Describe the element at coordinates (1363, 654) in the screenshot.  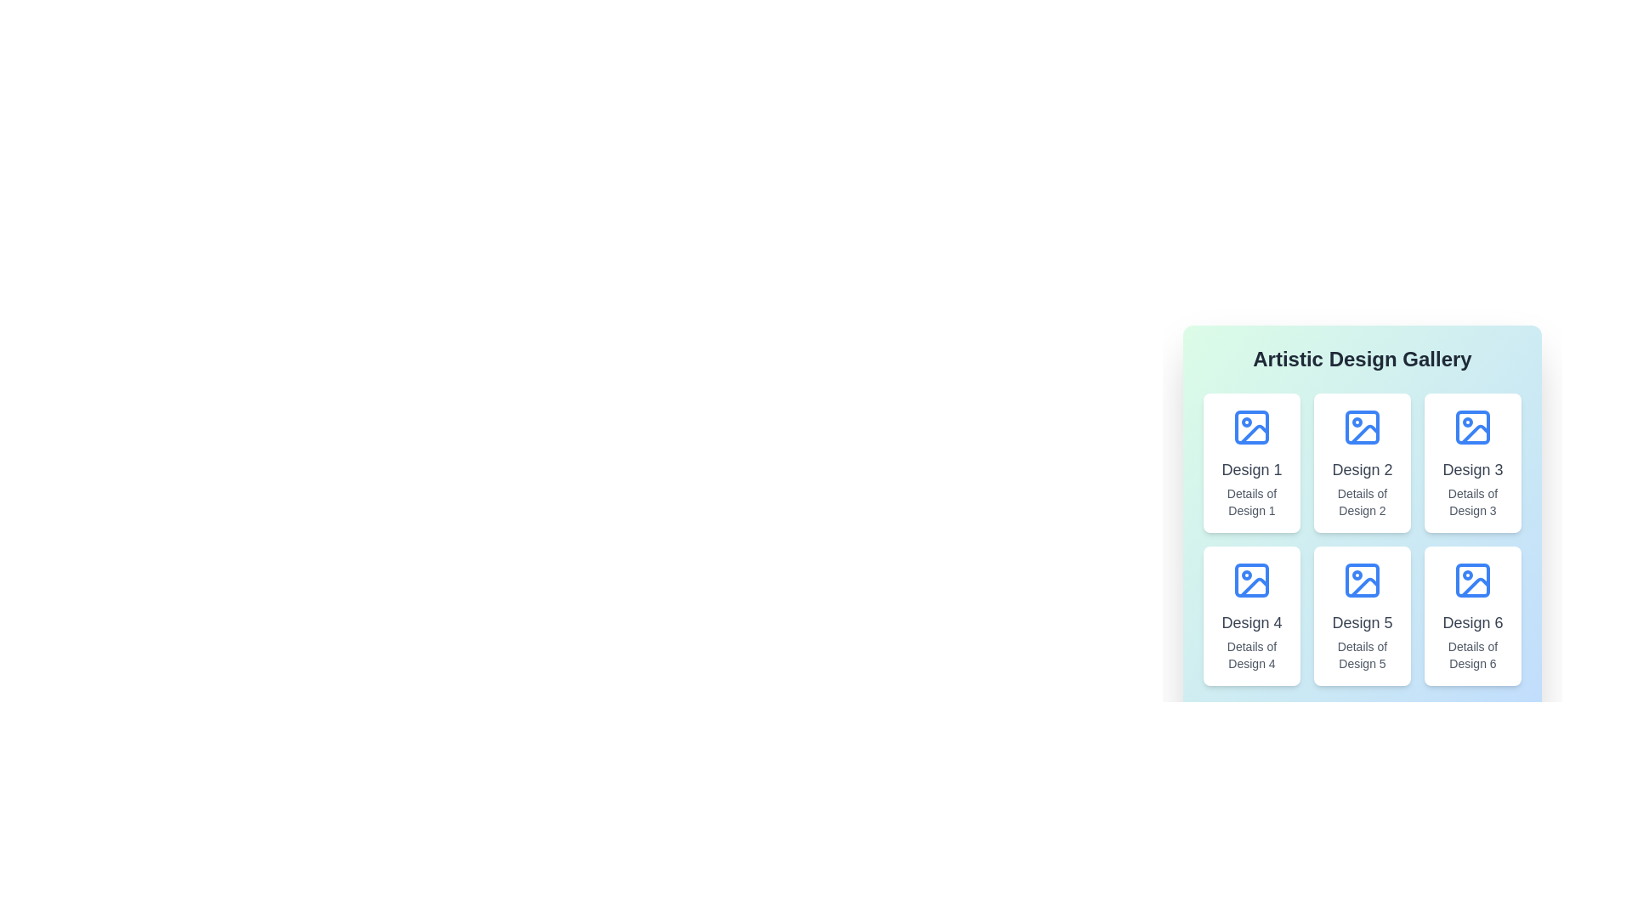
I see `the static text label containing the text 'Details of Design 5', which is styled in a small gray font and positioned below the title 'Design 5' within the white card in the grid layout` at that location.